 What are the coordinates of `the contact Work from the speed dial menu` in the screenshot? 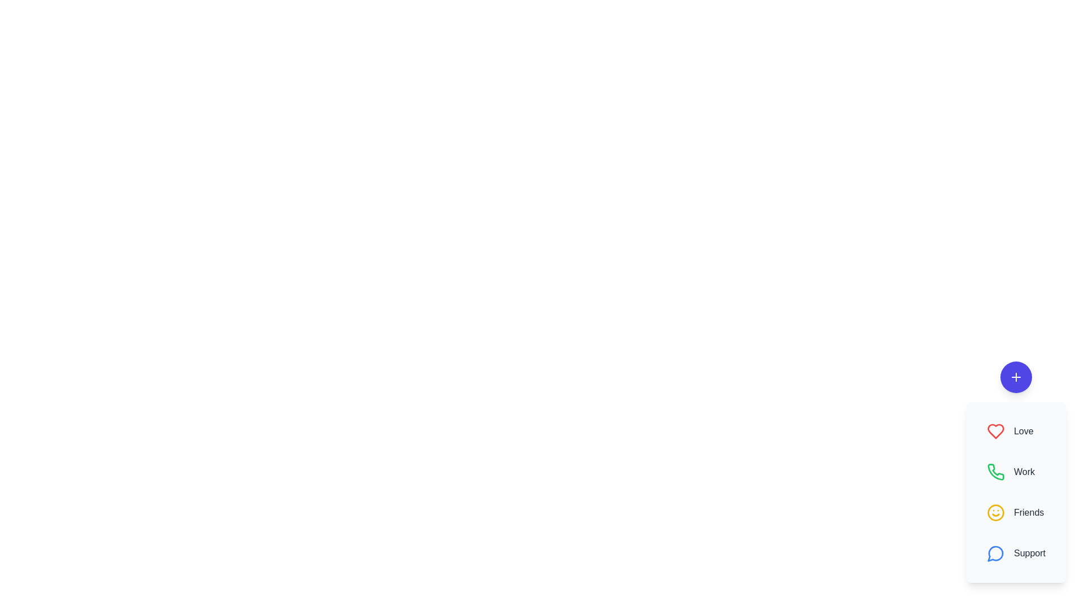 It's located at (1016, 472).